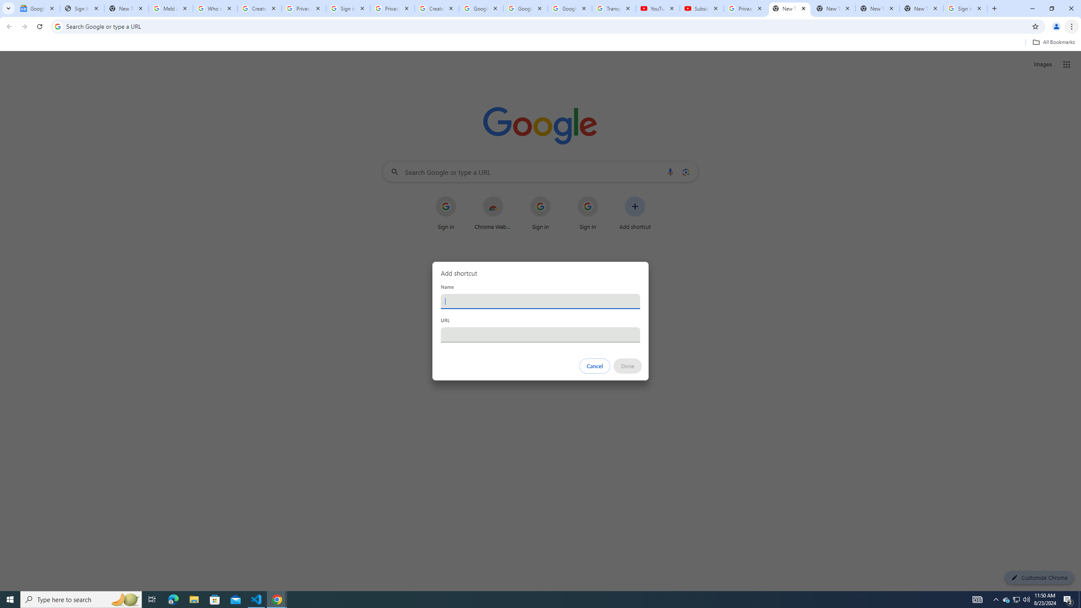  What do you see at coordinates (437, 8) in the screenshot?
I see `'Create your Google Account'` at bounding box center [437, 8].